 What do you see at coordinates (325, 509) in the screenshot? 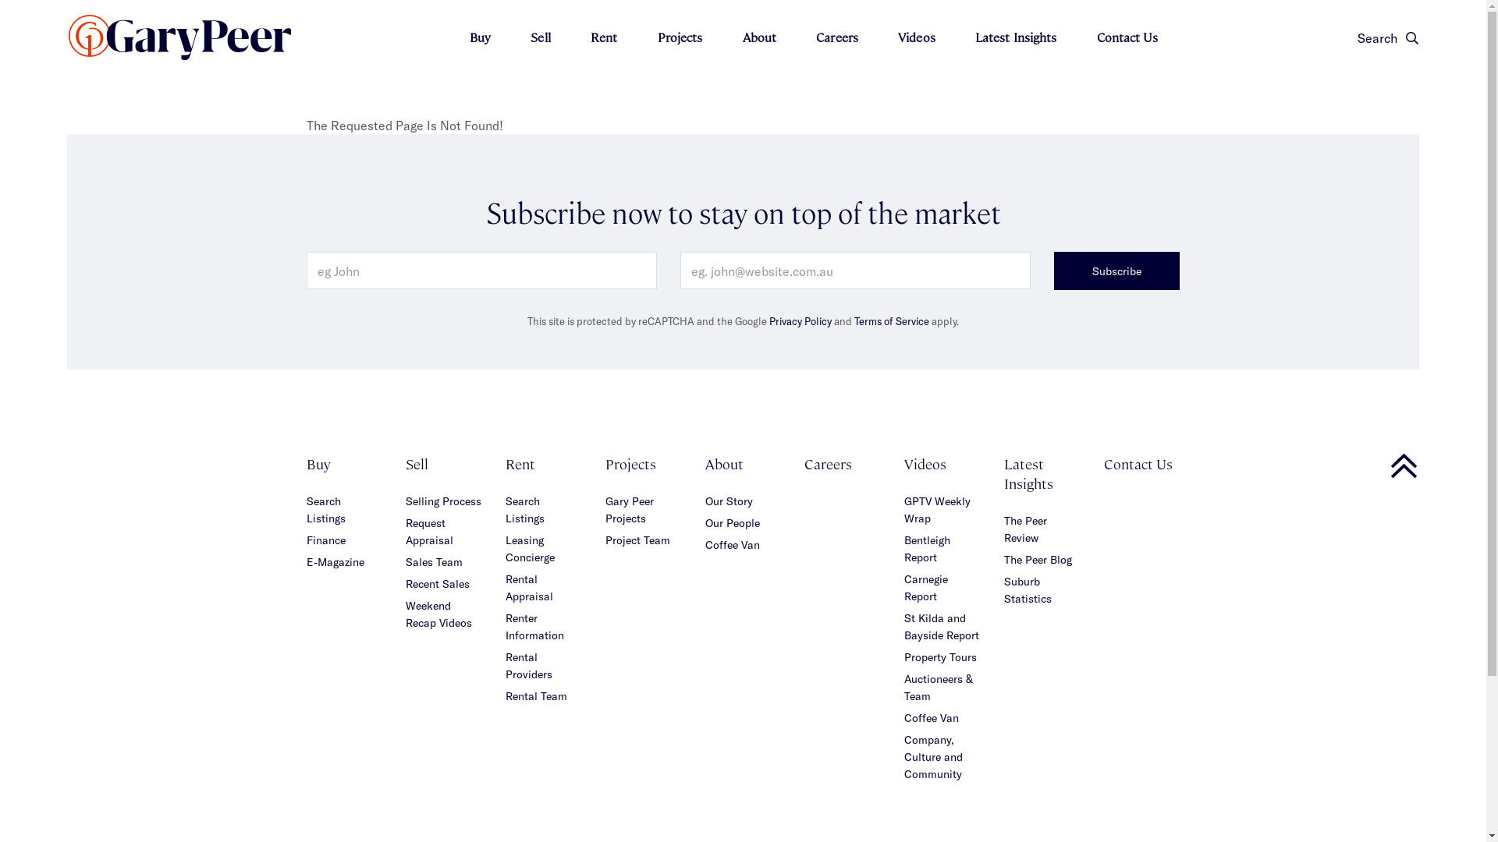
I see `'Search Listings'` at bounding box center [325, 509].